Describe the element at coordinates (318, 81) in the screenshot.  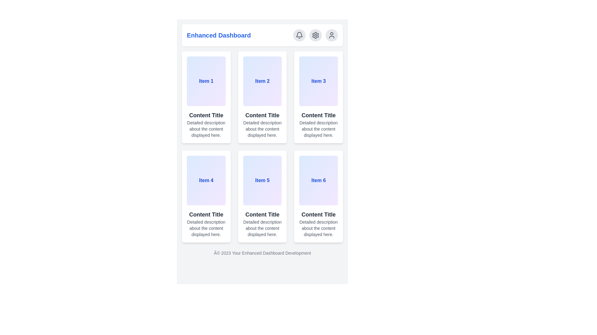
I see `the rectangular Tile or card with a gradient background from blue to purple, containing the text 'Item 3' in bold blue font at the center, located in the top-right corner of the second row of items in the grid layout` at that location.